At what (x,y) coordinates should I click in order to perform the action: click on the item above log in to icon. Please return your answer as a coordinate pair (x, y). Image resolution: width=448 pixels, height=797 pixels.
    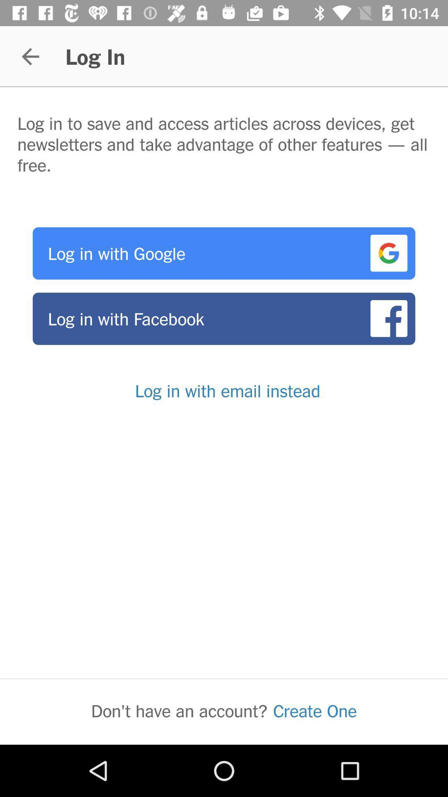
    Looking at the image, I should click on (30, 56).